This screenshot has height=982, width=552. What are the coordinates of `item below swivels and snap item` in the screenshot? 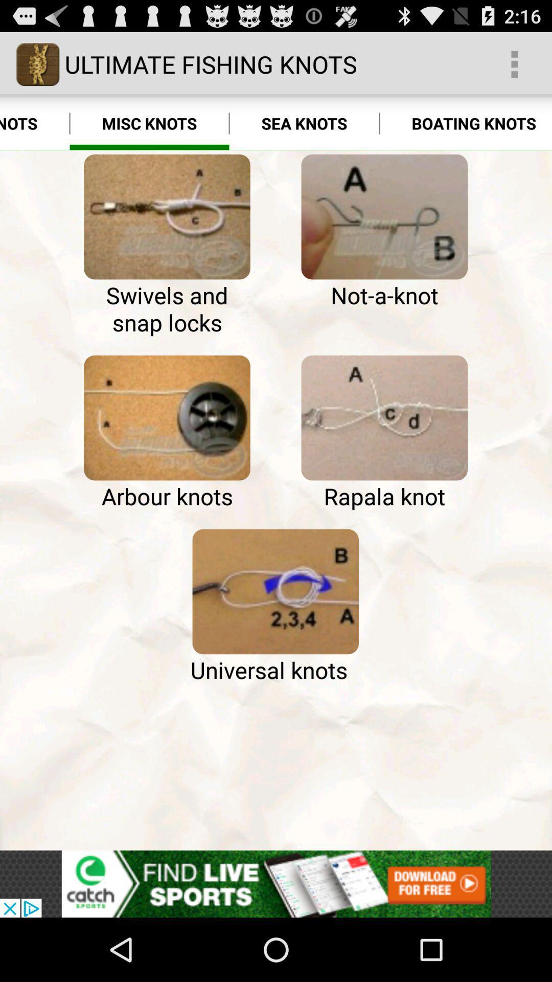 It's located at (167, 418).